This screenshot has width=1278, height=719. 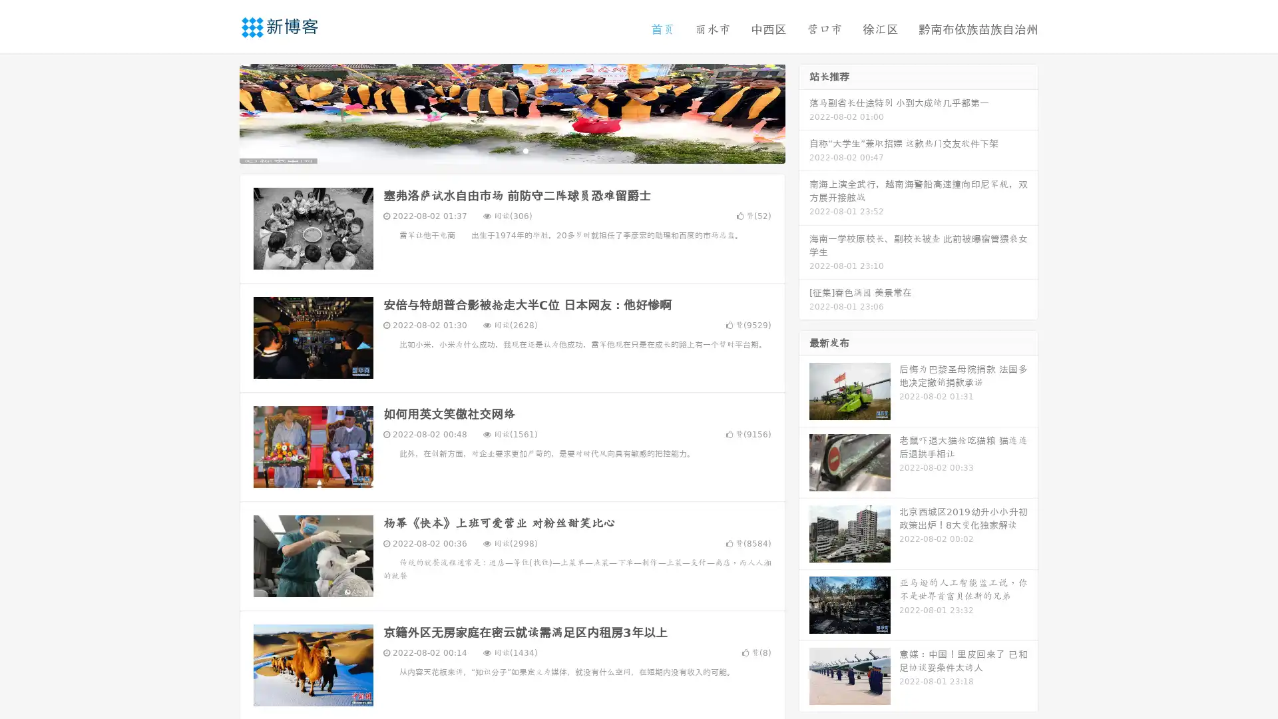 What do you see at coordinates (498, 150) in the screenshot?
I see `Go to slide 1` at bounding box center [498, 150].